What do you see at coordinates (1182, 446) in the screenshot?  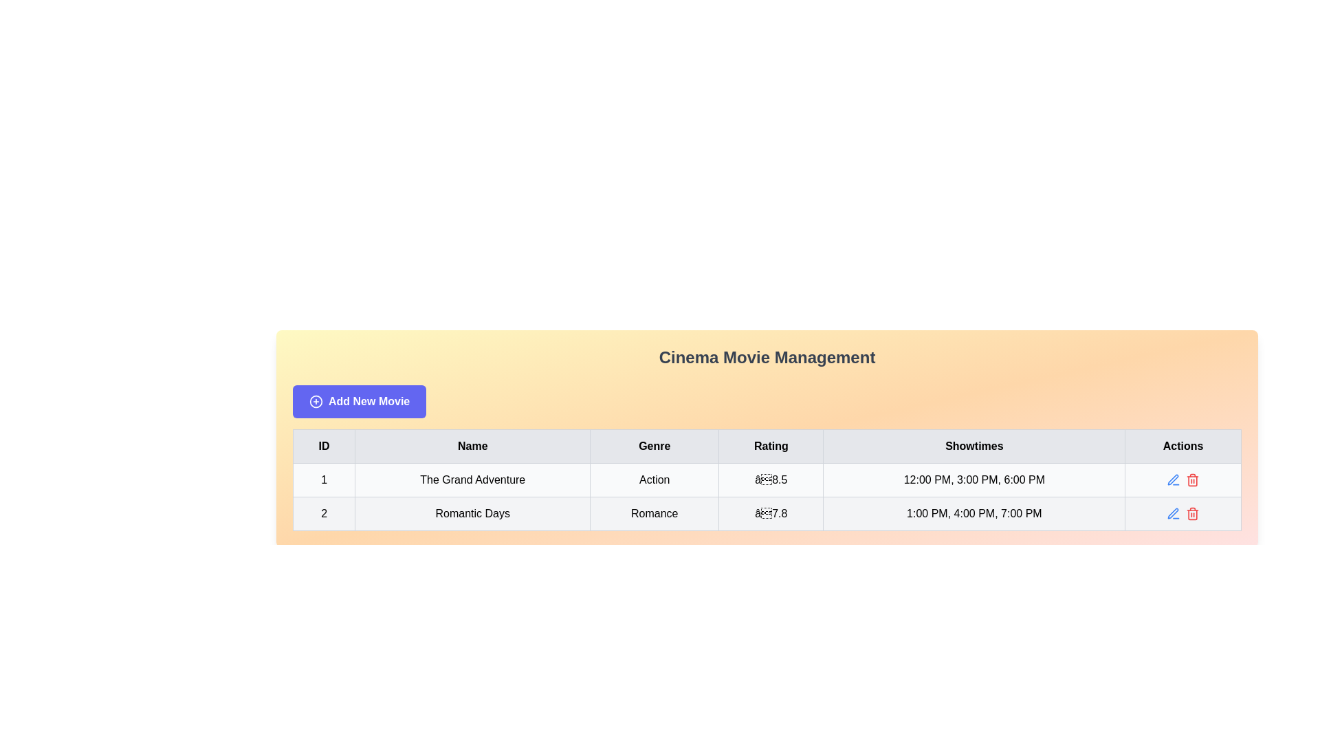 I see `the 'Actions' text label in the table header, which has a grey background and black text, located as the sixth item in the header row` at bounding box center [1182, 446].